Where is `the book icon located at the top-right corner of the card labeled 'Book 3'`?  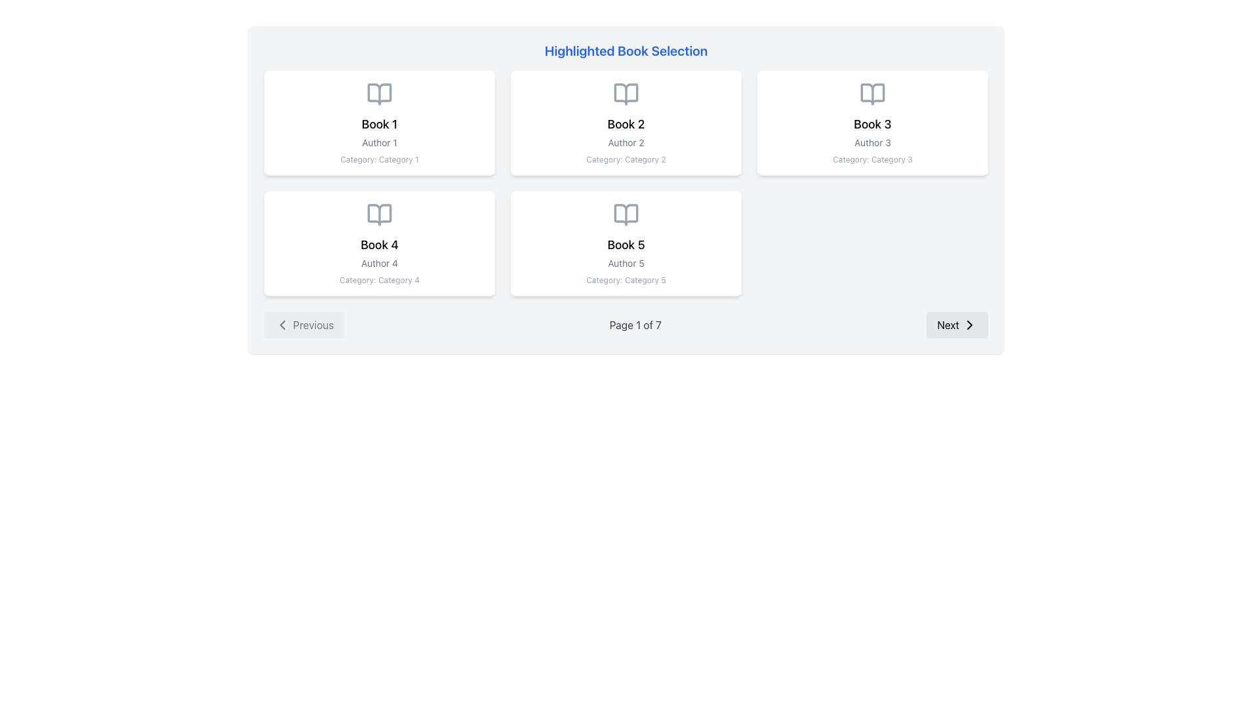
the book icon located at the top-right corner of the card labeled 'Book 3' is located at coordinates (872, 93).